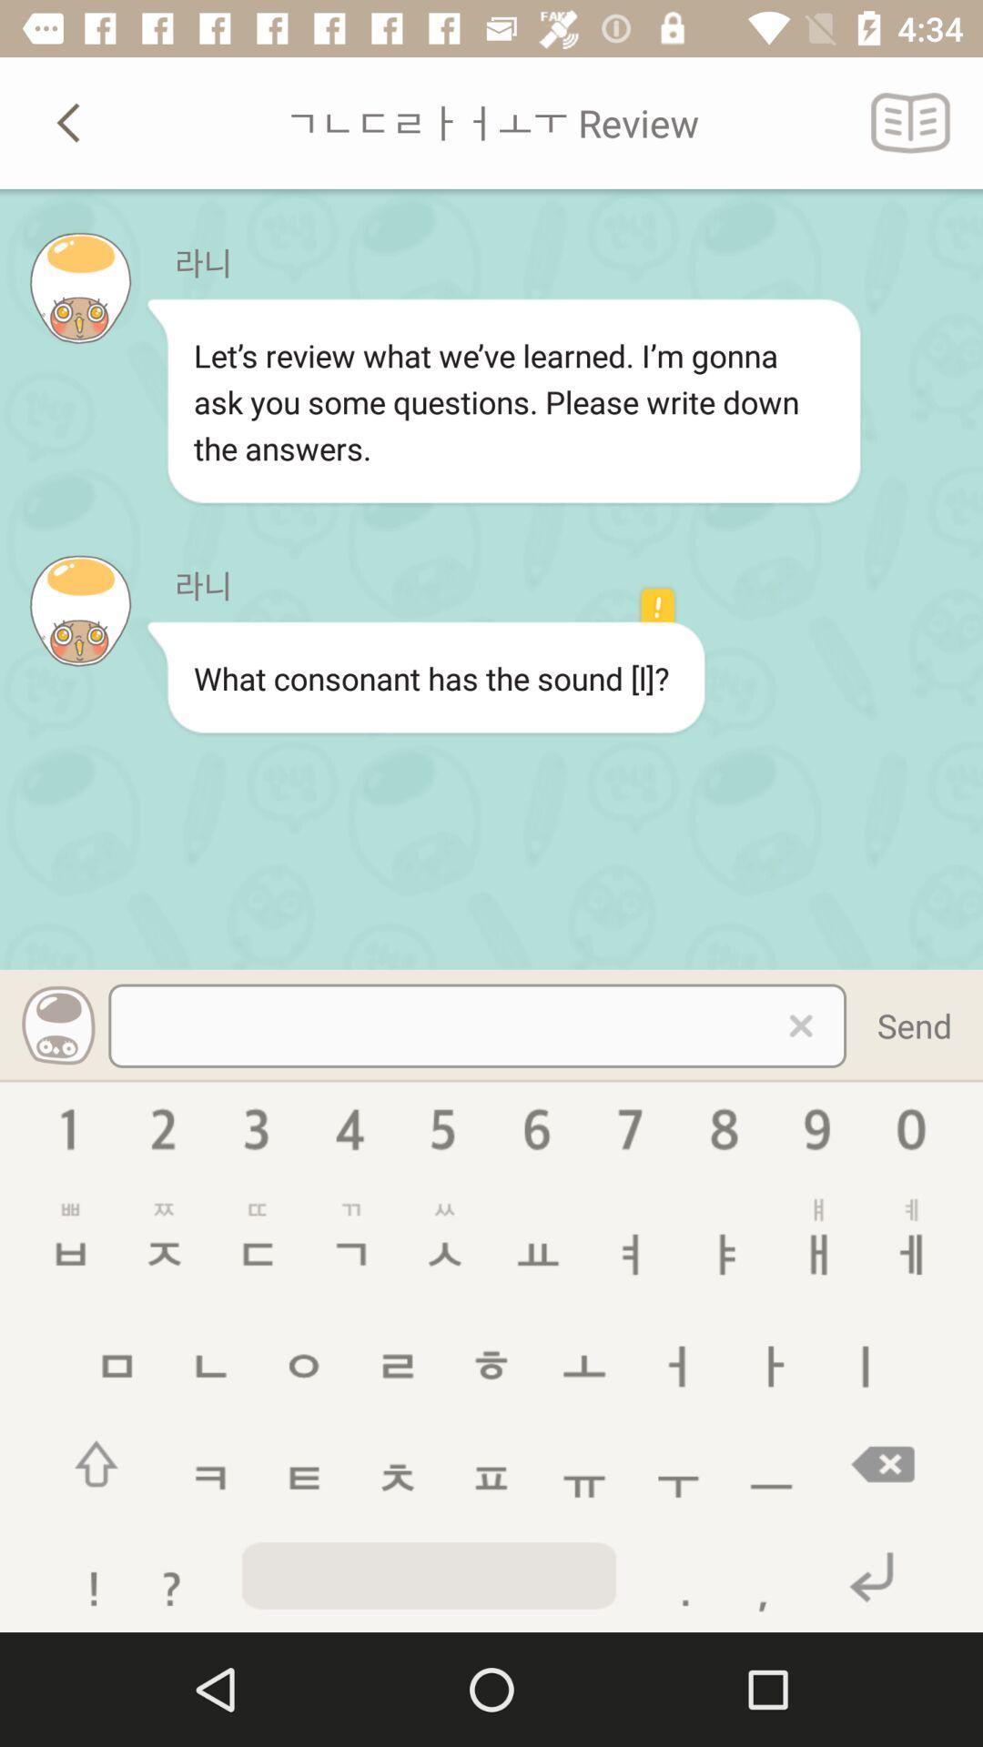 This screenshot has height=1747, width=983. I want to click on the add icon, so click(584, 1464).